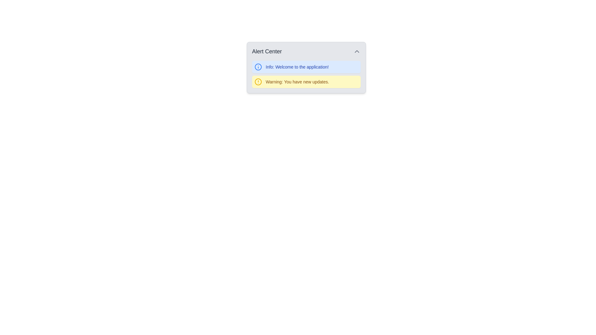 This screenshot has height=335, width=596. What do you see at coordinates (306, 81) in the screenshot?
I see `second notification in the Alert Center, which provides a warning about updates` at bounding box center [306, 81].